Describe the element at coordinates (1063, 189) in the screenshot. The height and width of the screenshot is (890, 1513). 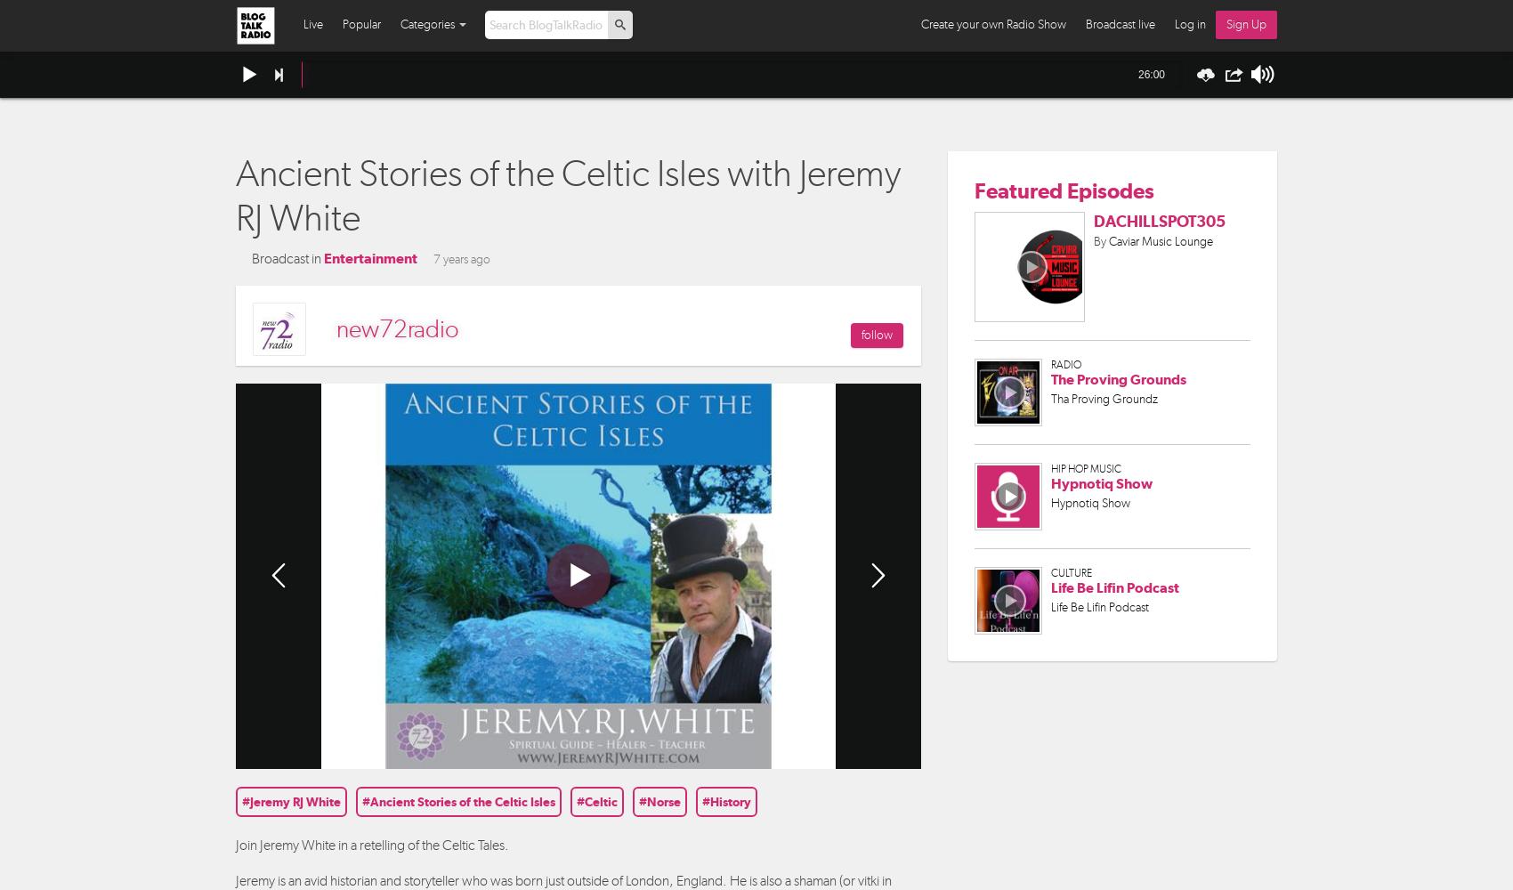
I see `'Featured Episodes'` at that location.